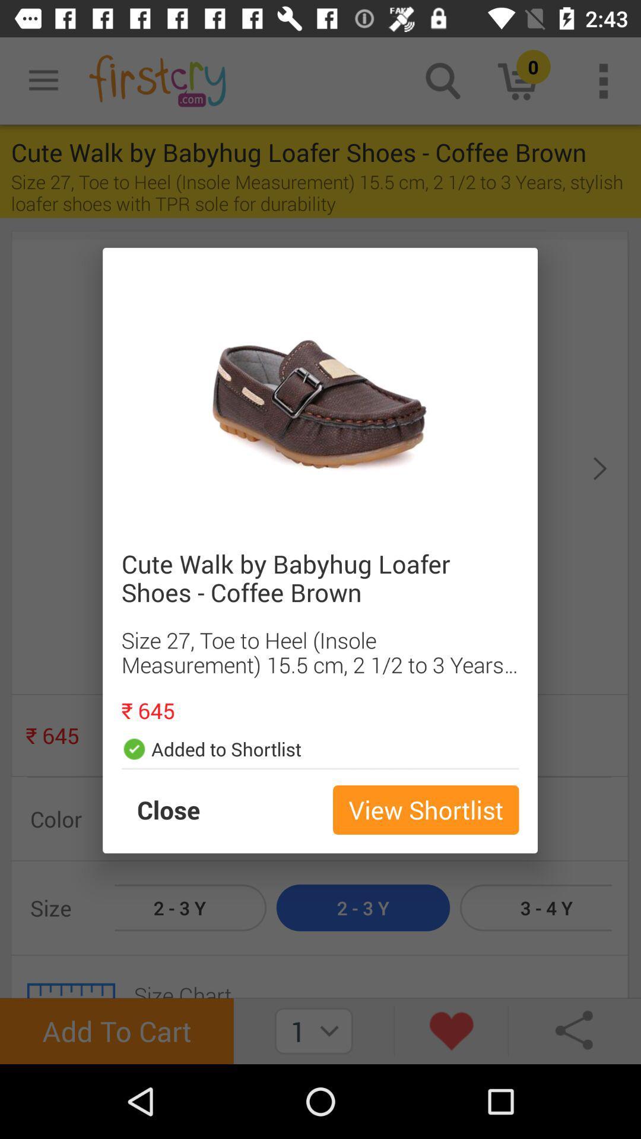 This screenshot has height=1139, width=641. Describe the element at coordinates (425, 809) in the screenshot. I see `the view shortlist` at that location.